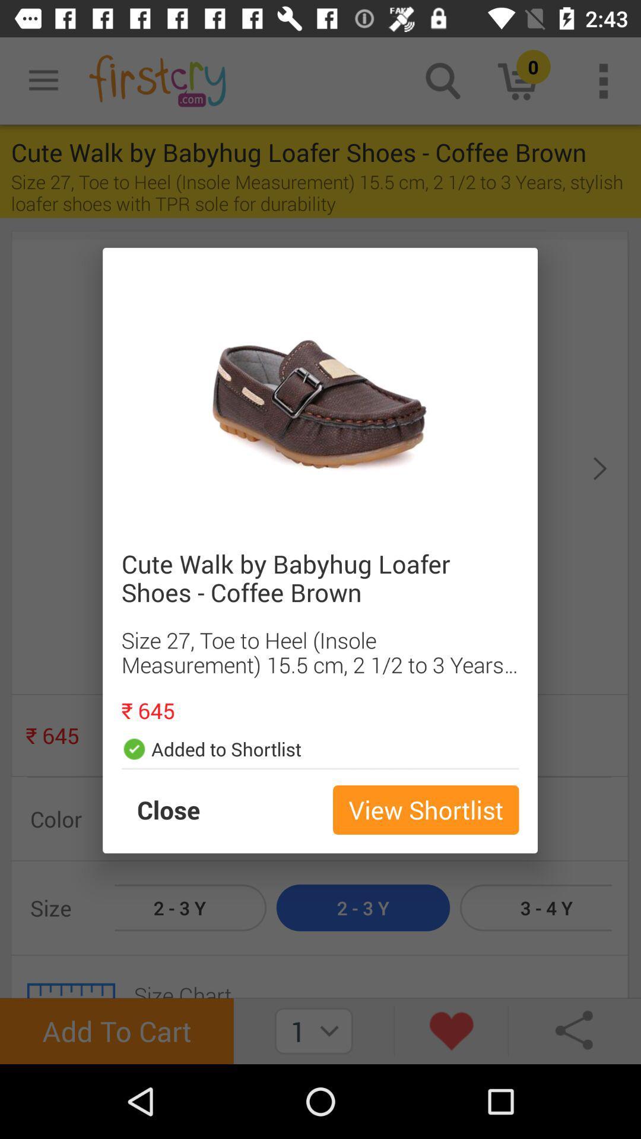 This screenshot has height=1139, width=641. Describe the element at coordinates (425, 809) in the screenshot. I see `the view shortlist` at that location.